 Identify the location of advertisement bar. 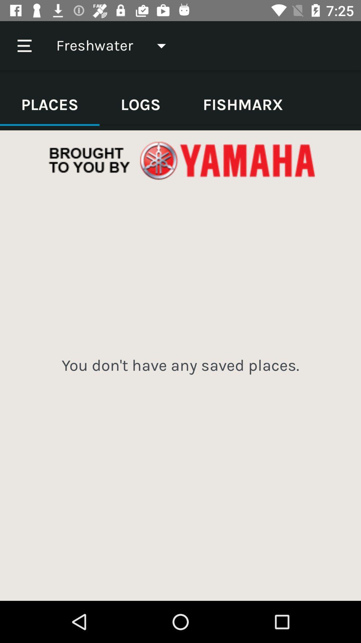
(180, 161).